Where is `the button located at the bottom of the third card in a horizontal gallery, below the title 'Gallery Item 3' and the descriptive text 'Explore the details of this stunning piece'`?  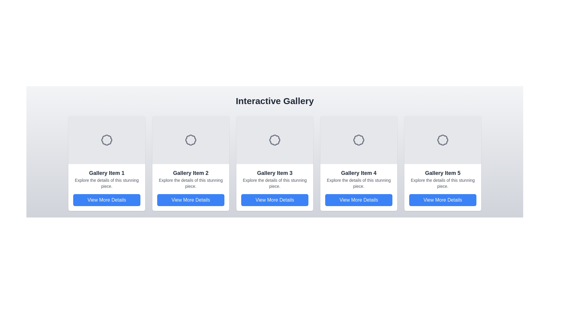 the button located at the bottom of the third card in a horizontal gallery, below the title 'Gallery Item 3' and the descriptive text 'Explore the details of this stunning piece' is located at coordinates (274, 200).